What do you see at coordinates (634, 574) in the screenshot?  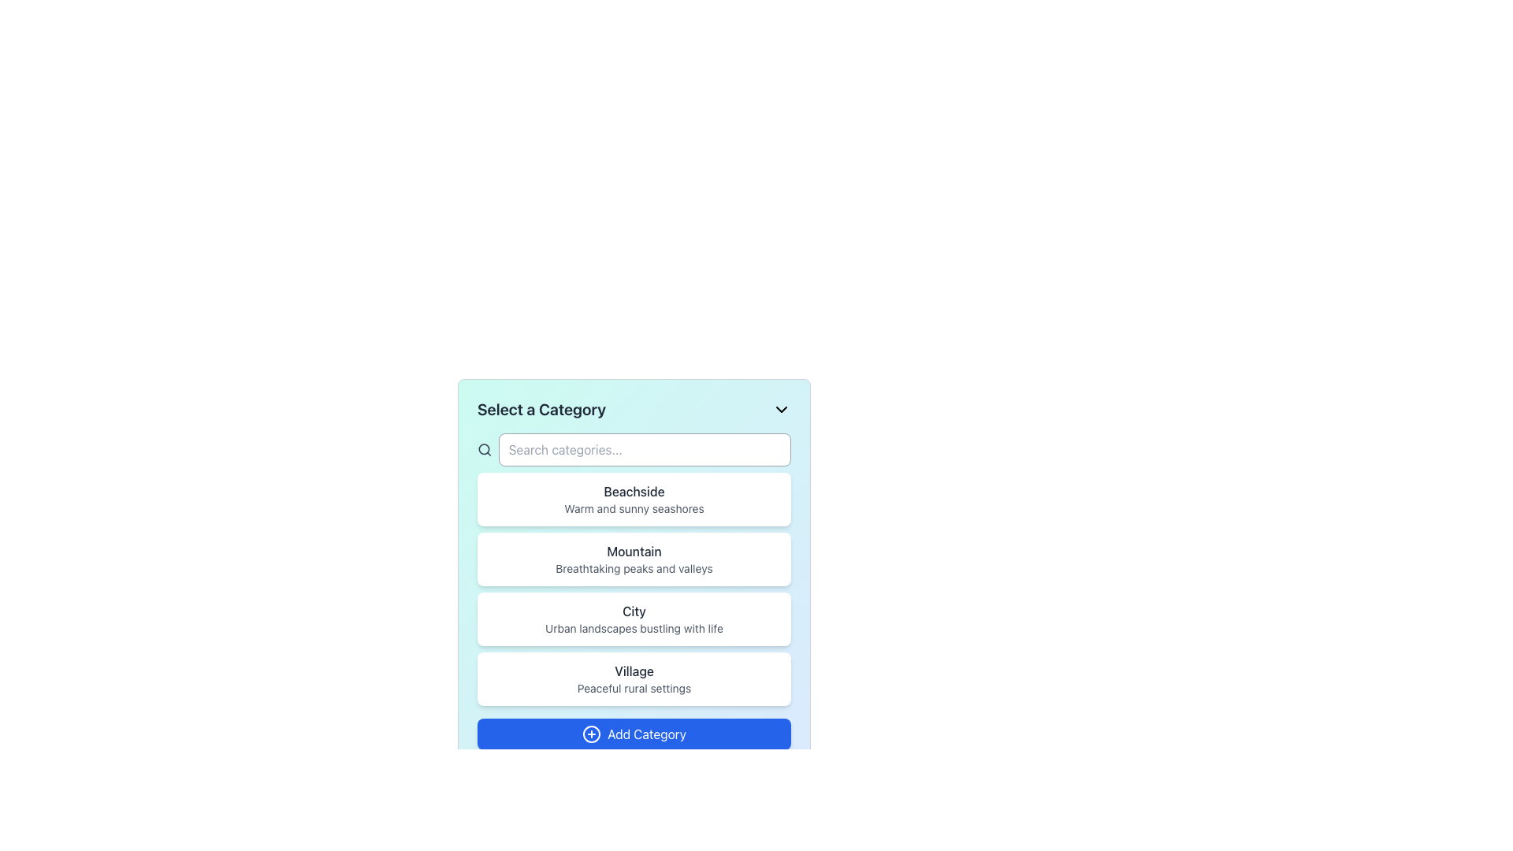 I see `the second selectable category button for 'Mountain' located in the modal interface under the 'Select a Category' header` at bounding box center [634, 574].